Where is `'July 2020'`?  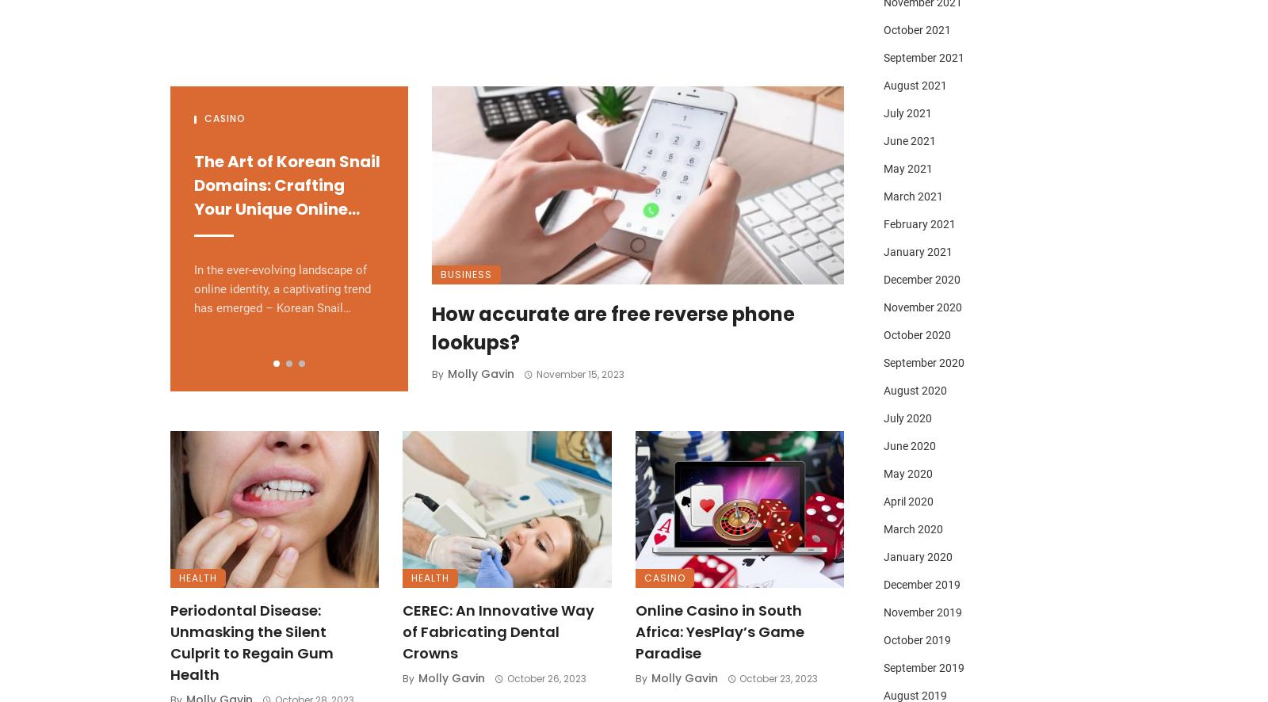 'July 2020' is located at coordinates (907, 417).